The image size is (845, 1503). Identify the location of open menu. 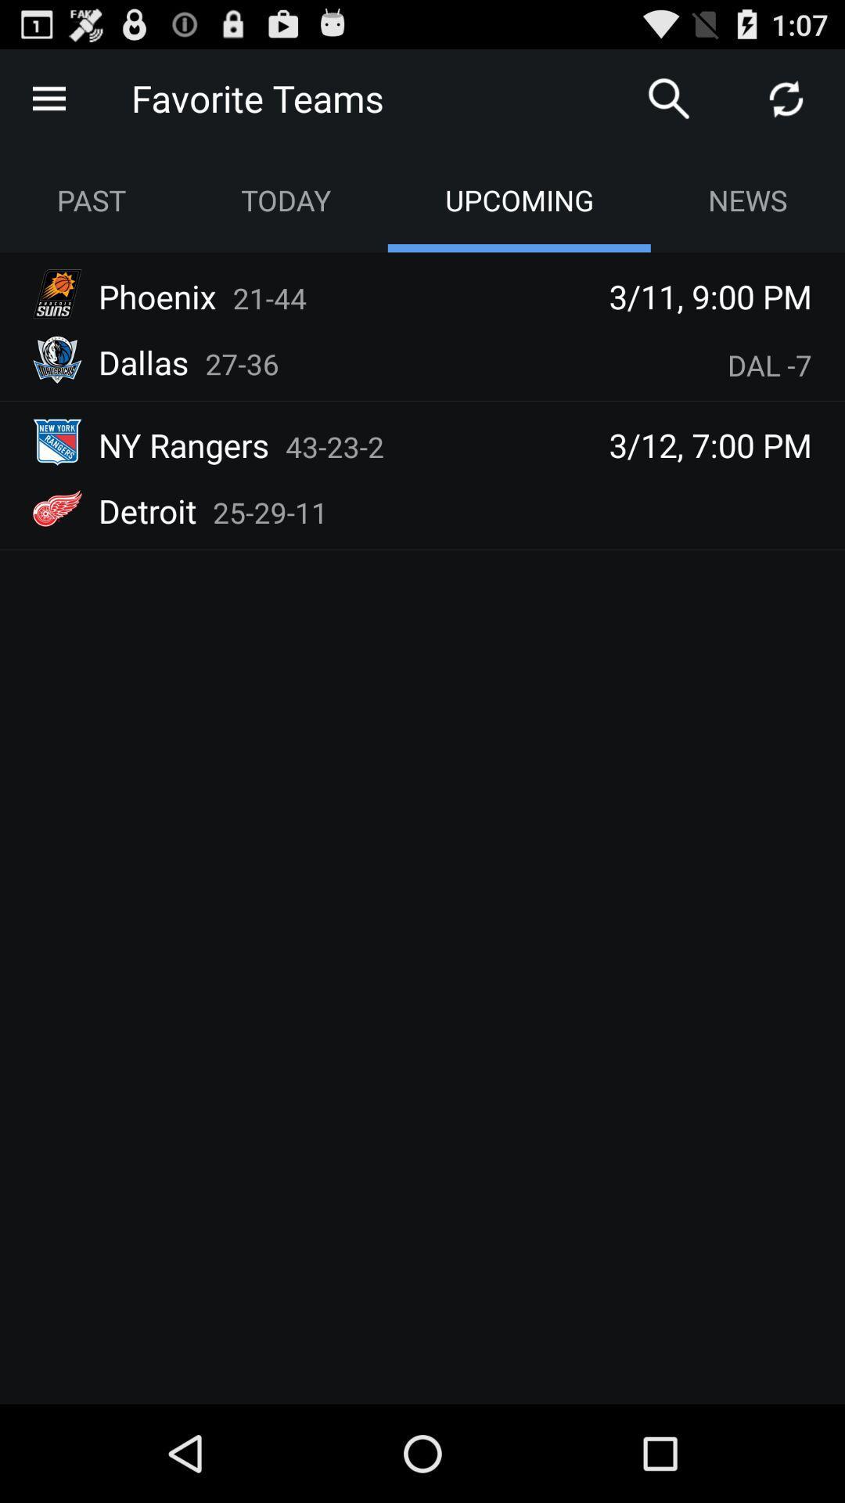
(48, 97).